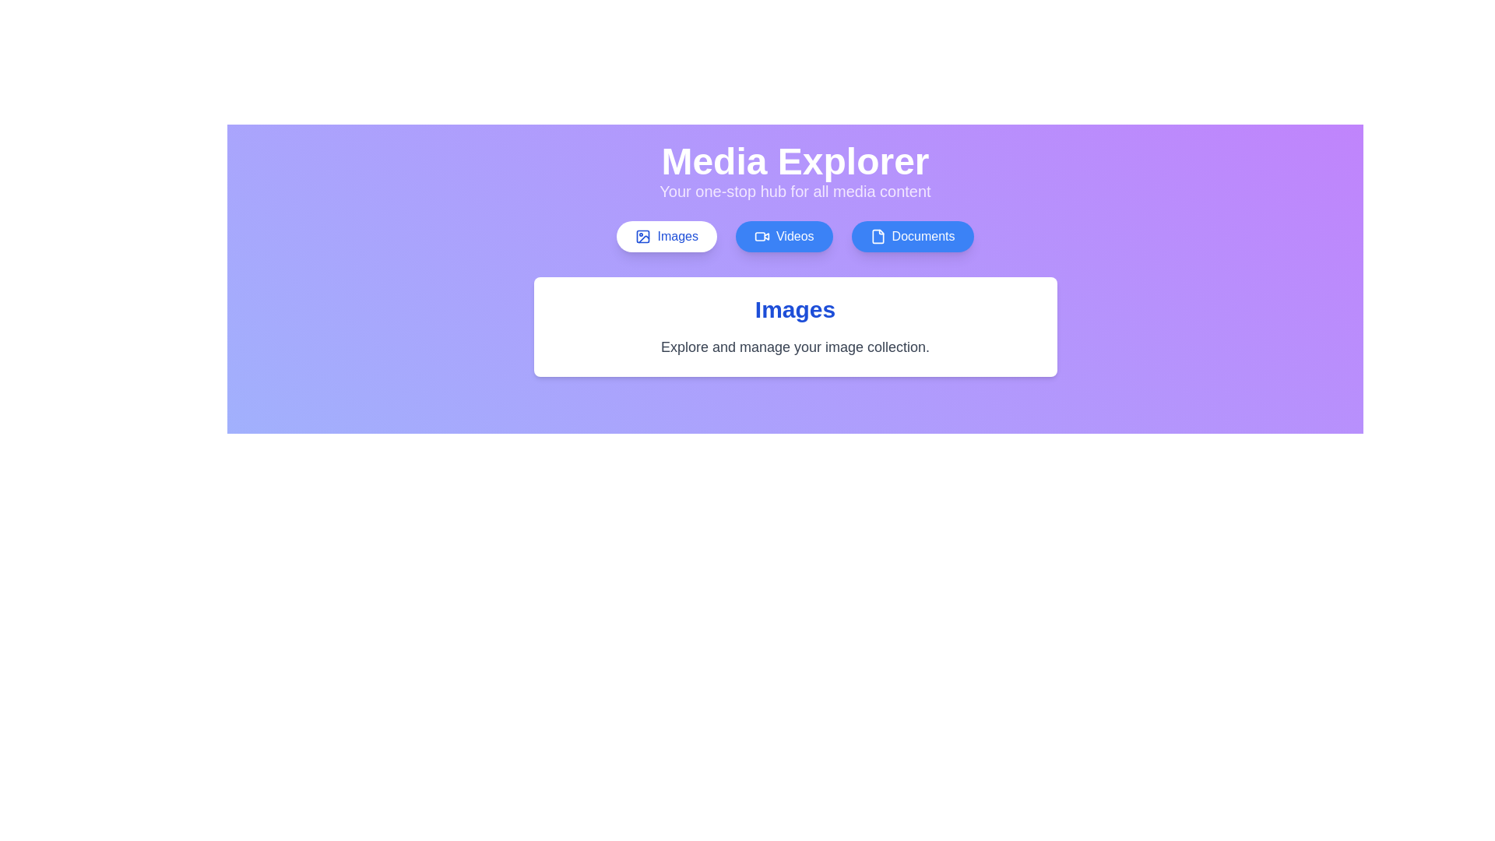 Image resolution: width=1495 pixels, height=841 pixels. What do you see at coordinates (667, 237) in the screenshot?
I see `the Images tab to explore its content` at bounding box center [667, 237].